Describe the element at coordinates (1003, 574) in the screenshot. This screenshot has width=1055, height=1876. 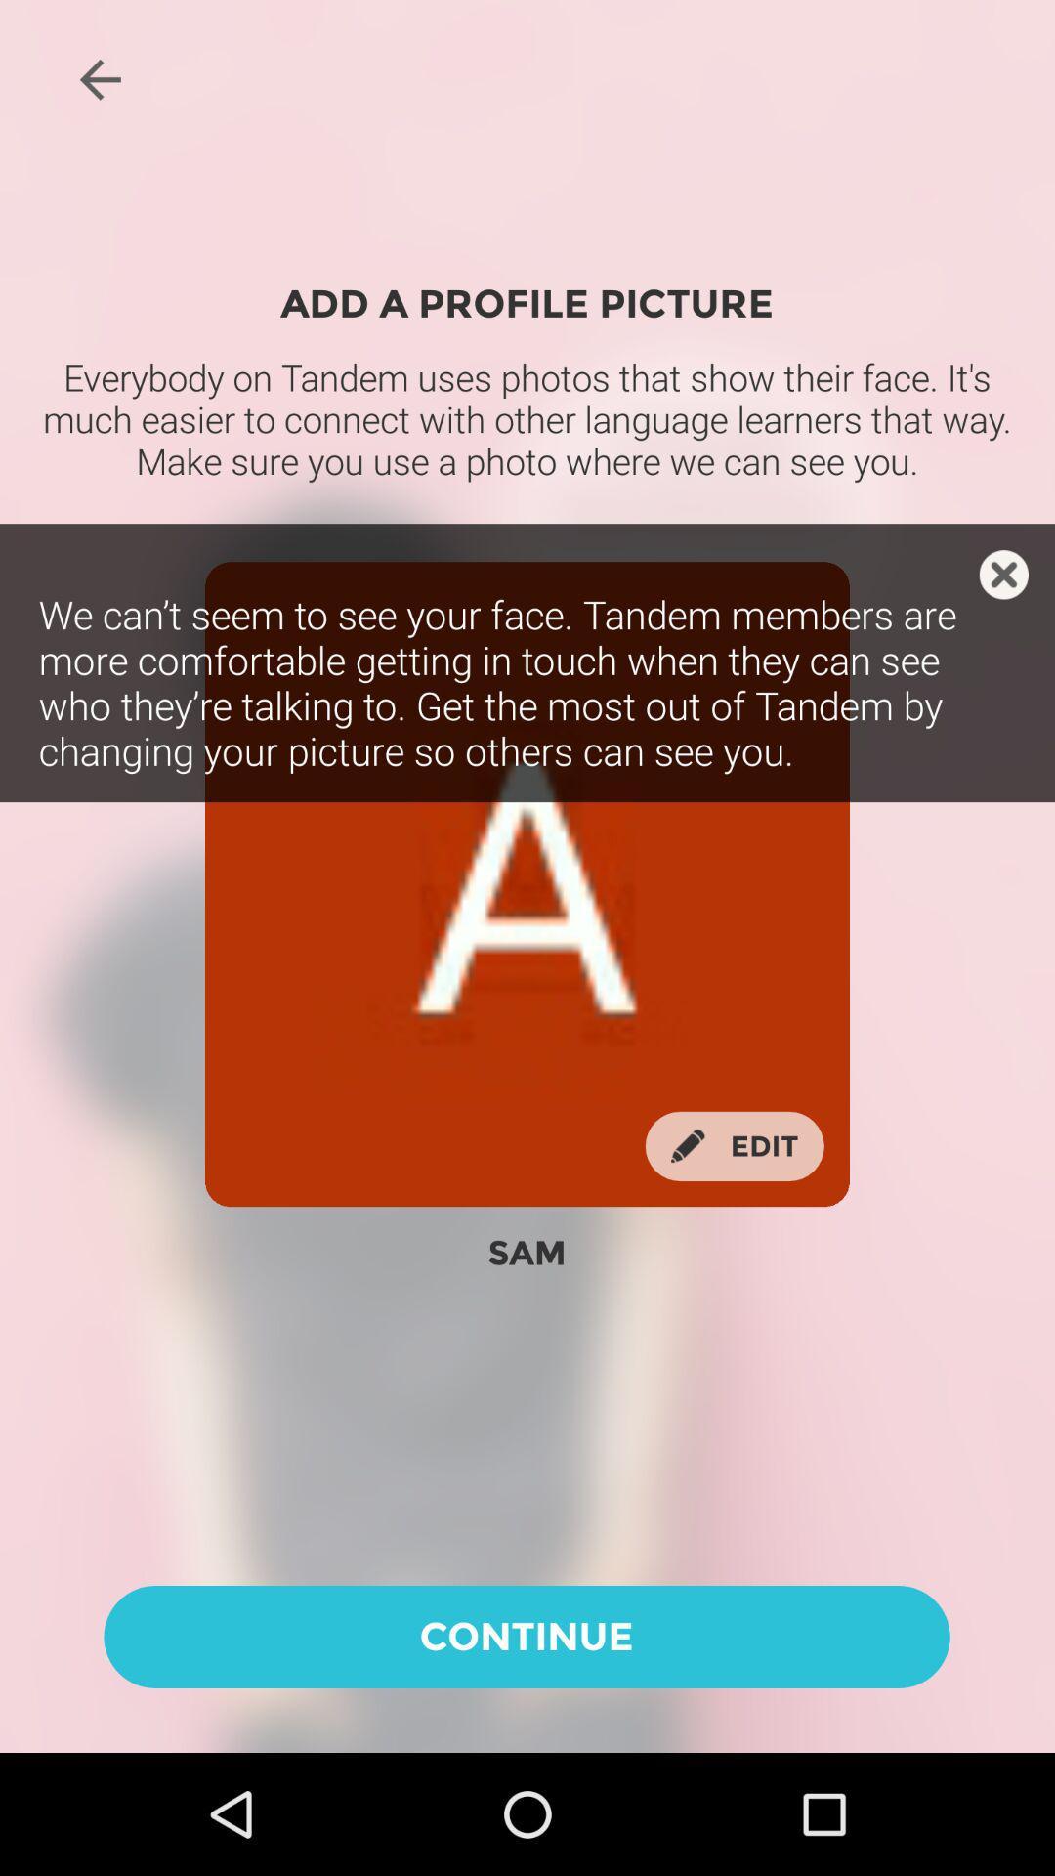
I see `close` at that location.